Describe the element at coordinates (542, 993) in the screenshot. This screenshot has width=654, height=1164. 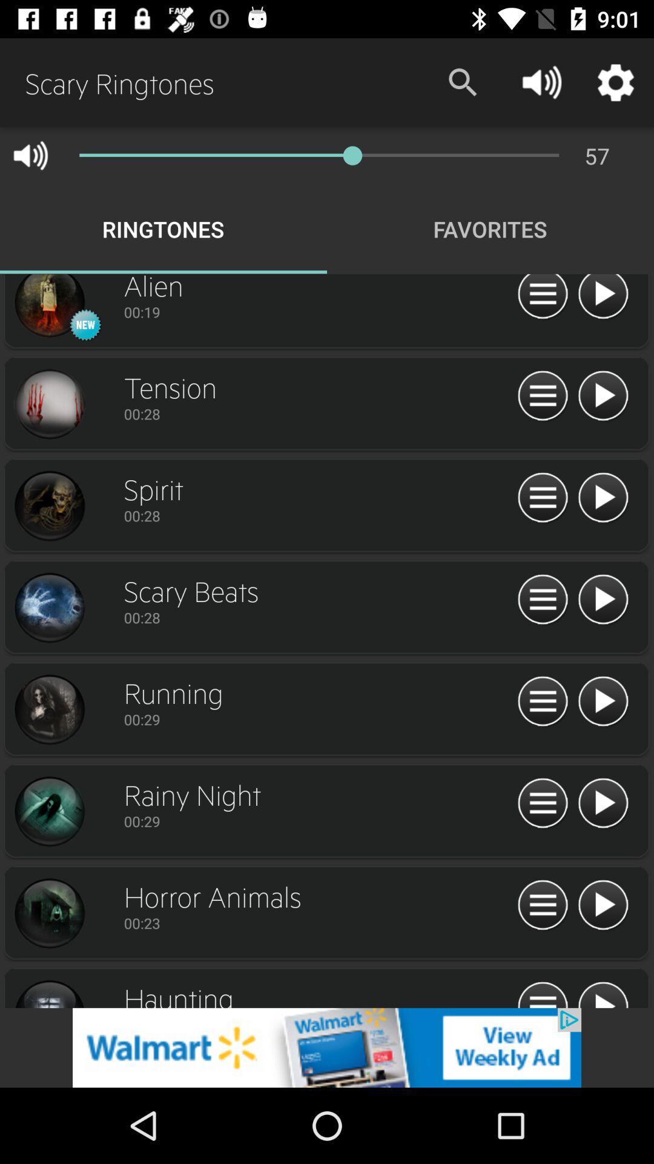
I see `see the menu` at that location.